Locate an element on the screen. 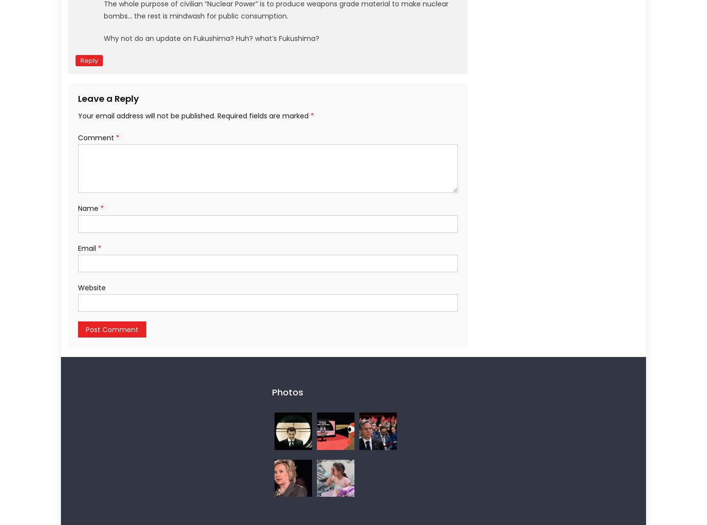  'Why not do an update on Fukushima? Huh? what’s Fukushima?' is located at coordinates (211, 37).